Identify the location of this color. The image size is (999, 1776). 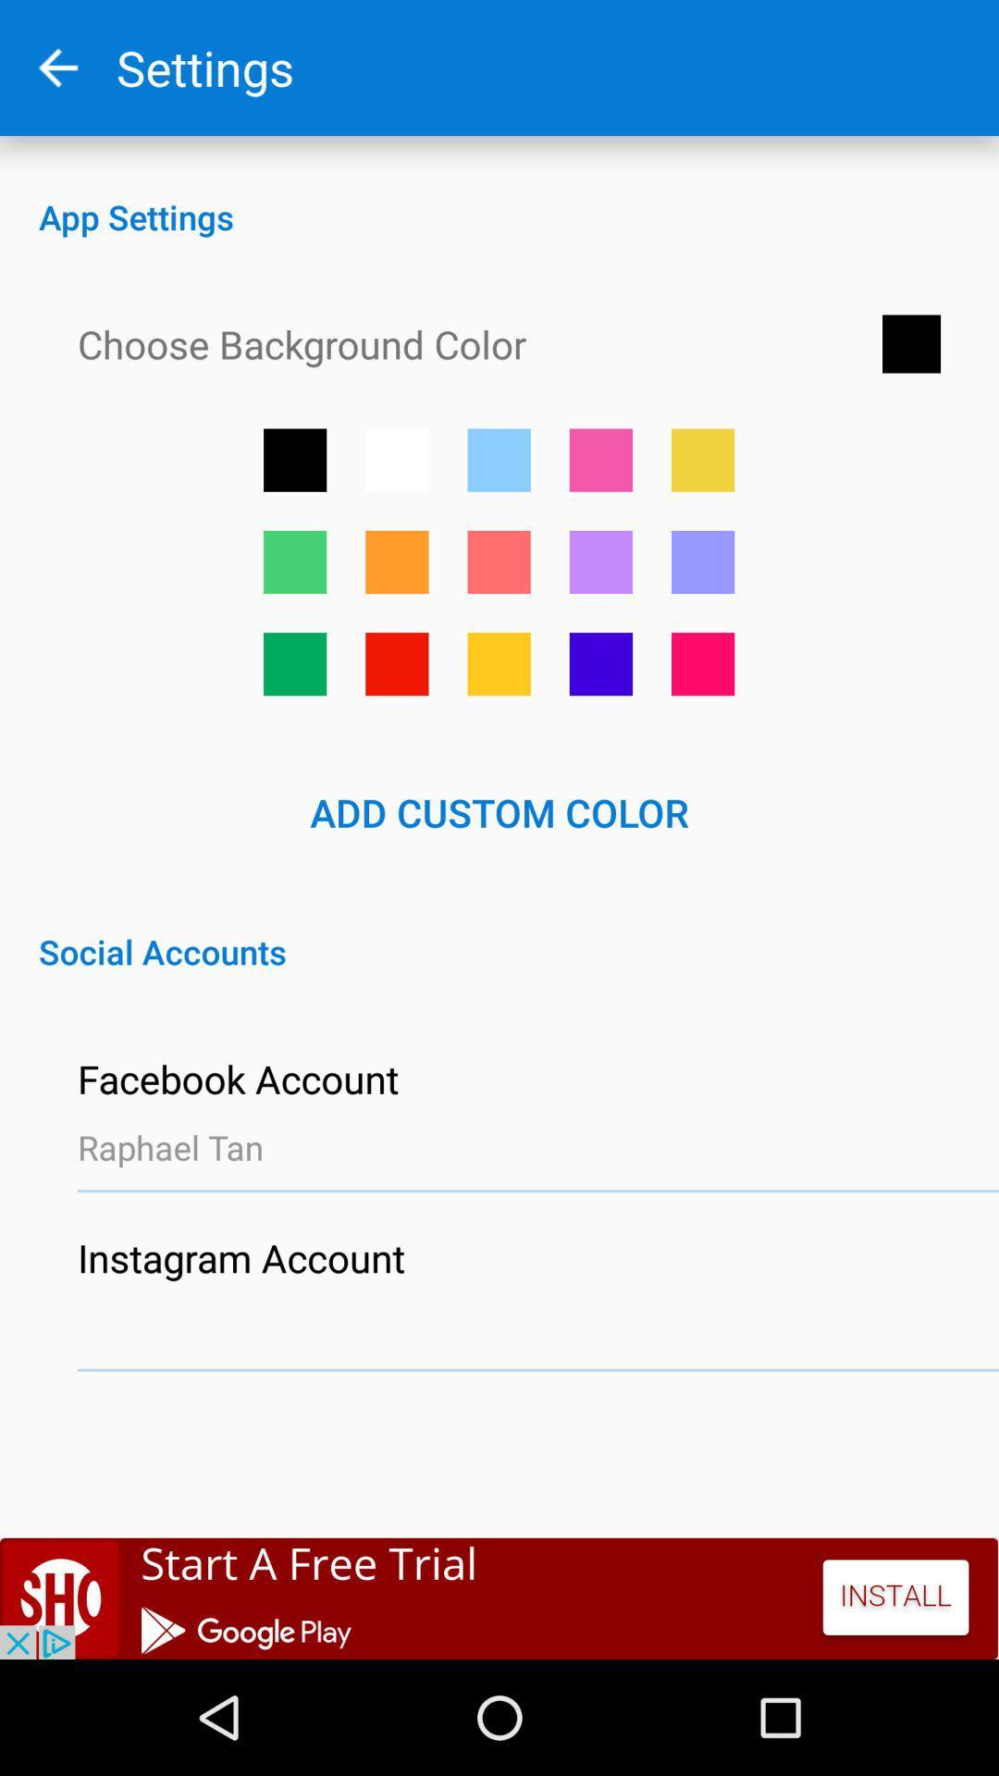
(294, 664).